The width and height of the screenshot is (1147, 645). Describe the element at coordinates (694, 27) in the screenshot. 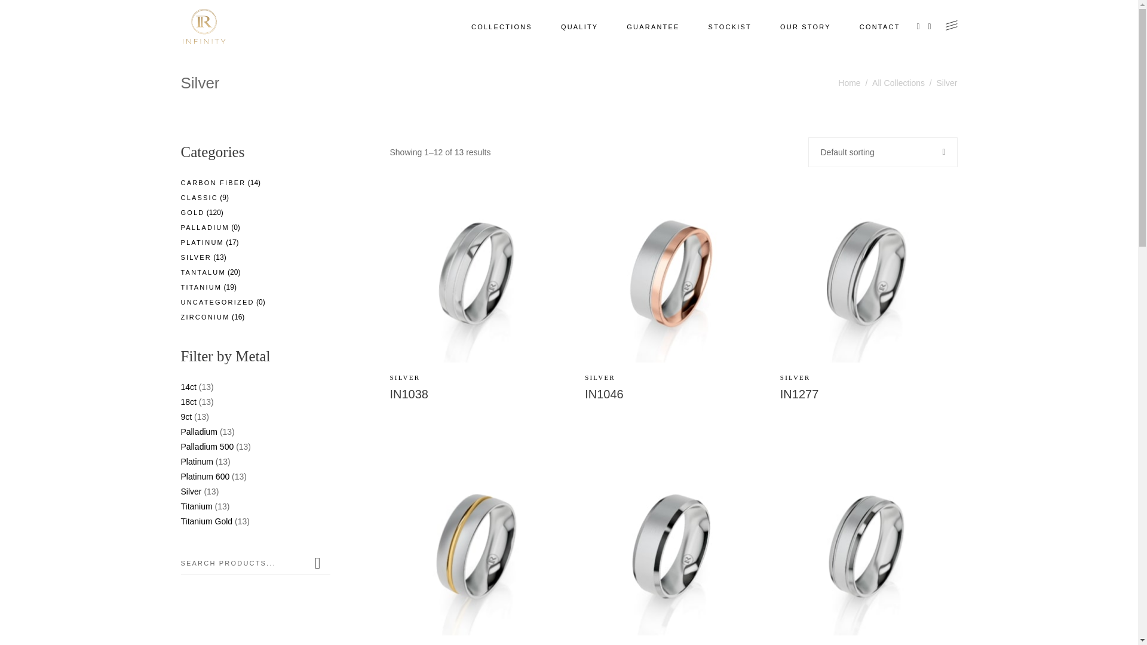

I see `'STOCKIST'` at that location.